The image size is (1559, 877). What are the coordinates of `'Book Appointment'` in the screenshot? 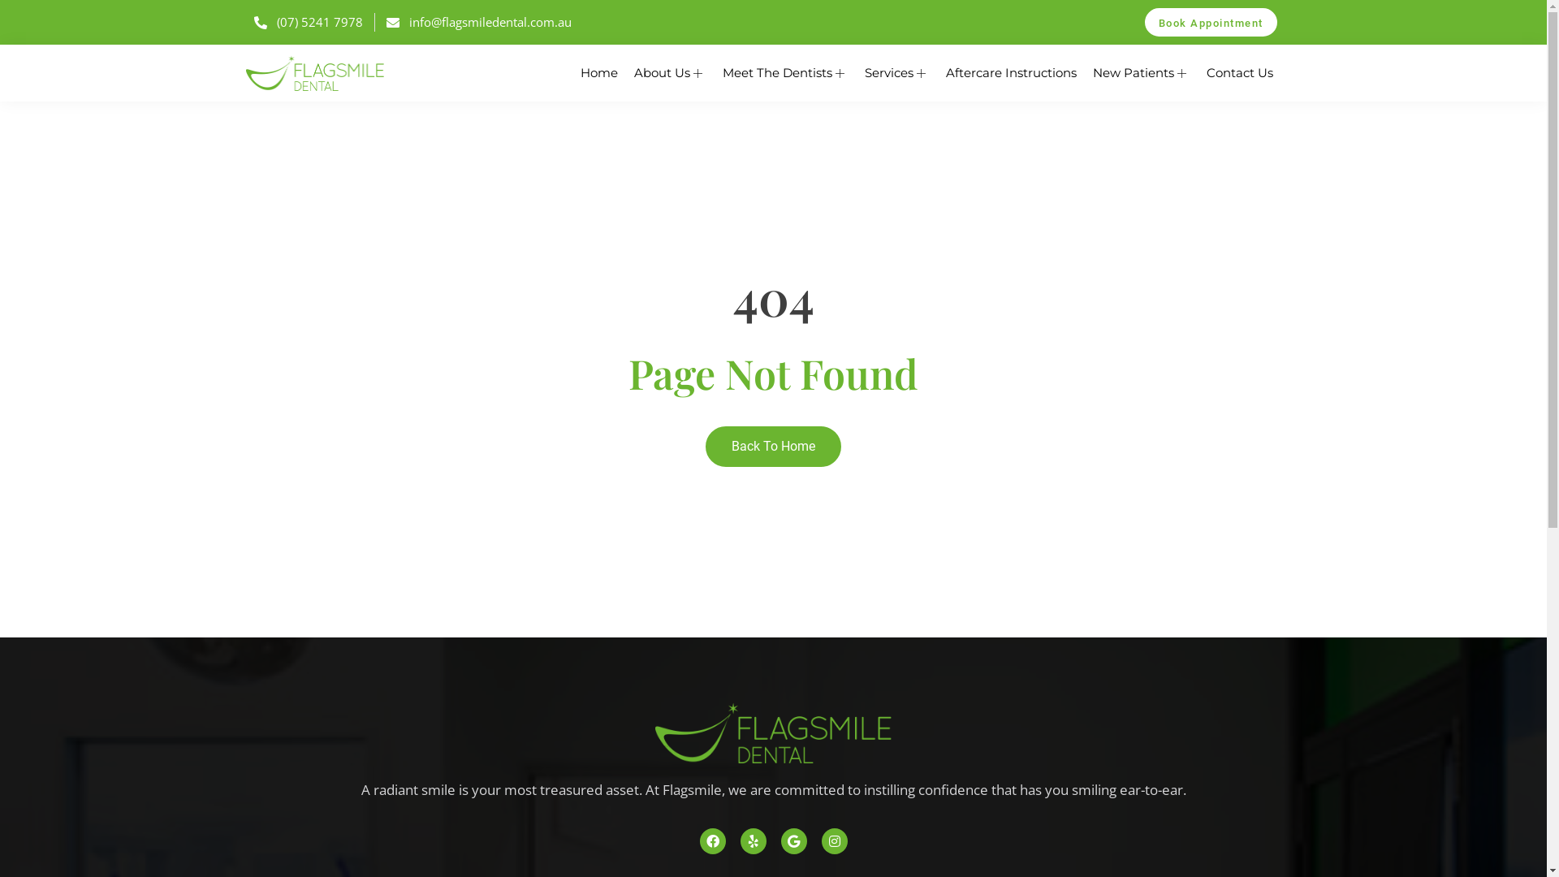 It's located at (1211, 22).